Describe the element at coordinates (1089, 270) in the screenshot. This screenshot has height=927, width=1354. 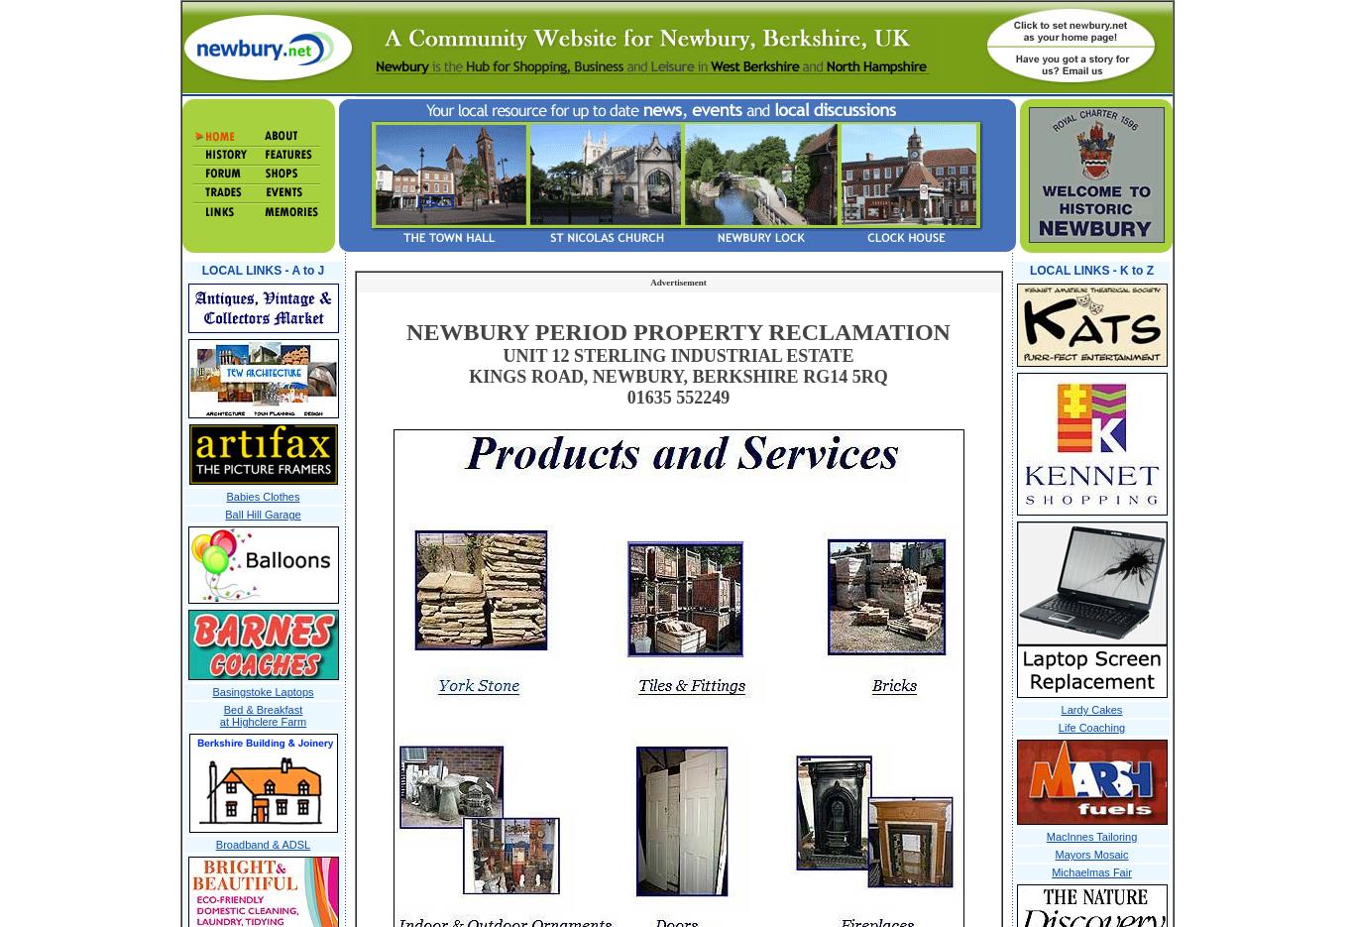
I see `'LOCAL 
                        LINKS - K to Z'` at that location.